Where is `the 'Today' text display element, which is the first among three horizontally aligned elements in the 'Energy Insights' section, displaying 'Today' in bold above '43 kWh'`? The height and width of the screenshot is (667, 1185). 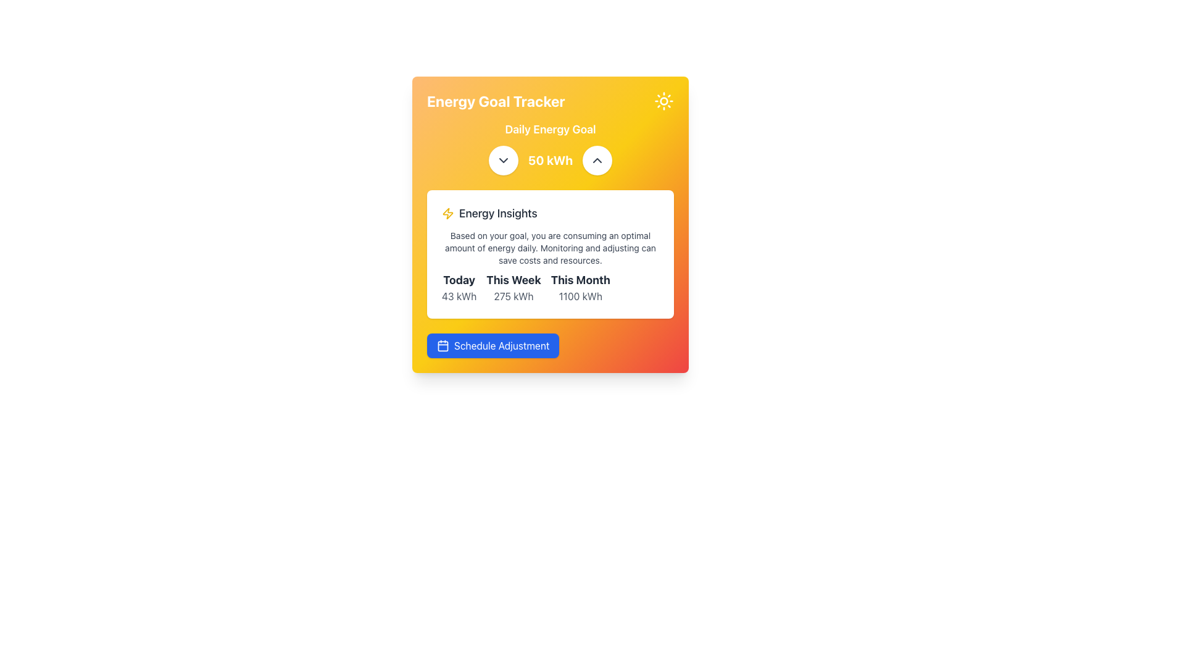 the 'Today' text display element, which is the first among three horizontally aligned elements in the 'Energy Insights' section, displaying 'Today' in bold above '43 kWh' is located at coordinates (459, 288).